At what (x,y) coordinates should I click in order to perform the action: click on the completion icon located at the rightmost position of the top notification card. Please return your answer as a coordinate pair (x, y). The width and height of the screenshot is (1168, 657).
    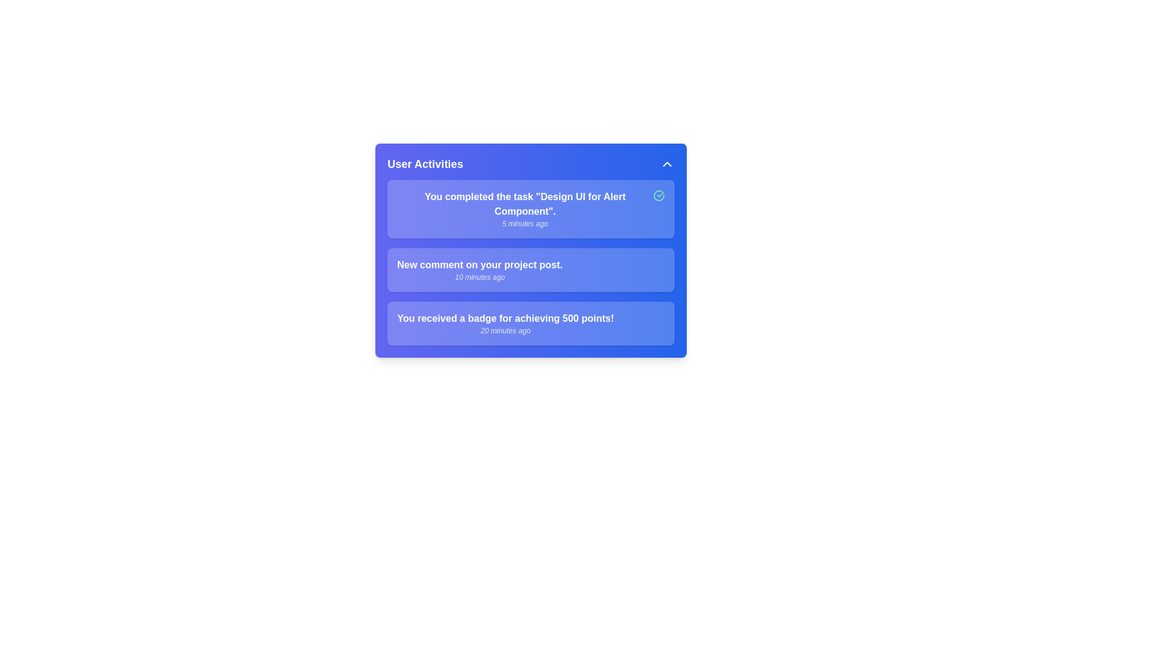
    Looking at the image, I should click on (658, 195).